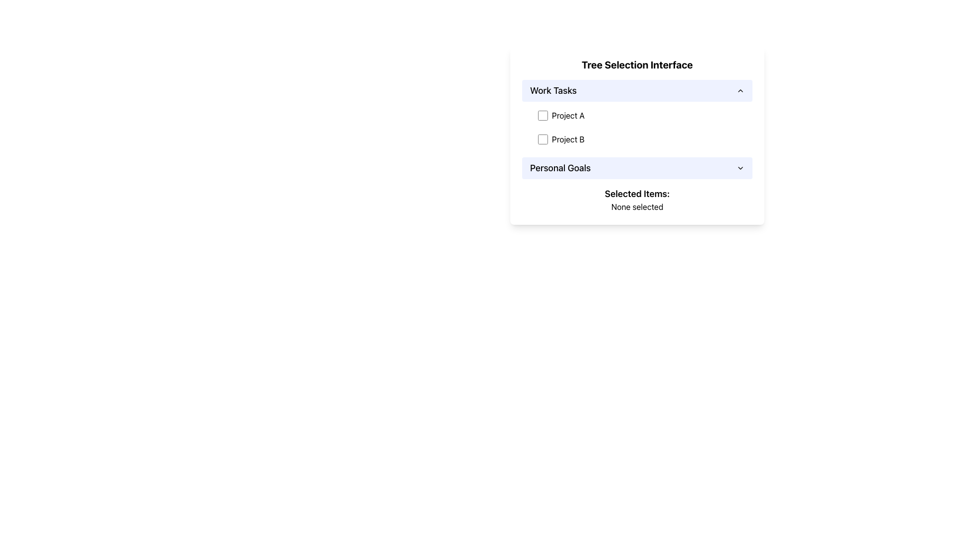 The image size is (953, 536). I want to click on the text label that indicates no items have been chosen, located directly underneath 'Selected Items:' at the bottom of the interface, so click(637, 206).